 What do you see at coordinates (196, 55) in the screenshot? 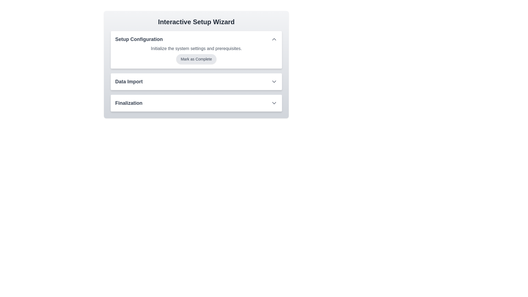
I see `the interactive button located` at bounding box center [196, 55].